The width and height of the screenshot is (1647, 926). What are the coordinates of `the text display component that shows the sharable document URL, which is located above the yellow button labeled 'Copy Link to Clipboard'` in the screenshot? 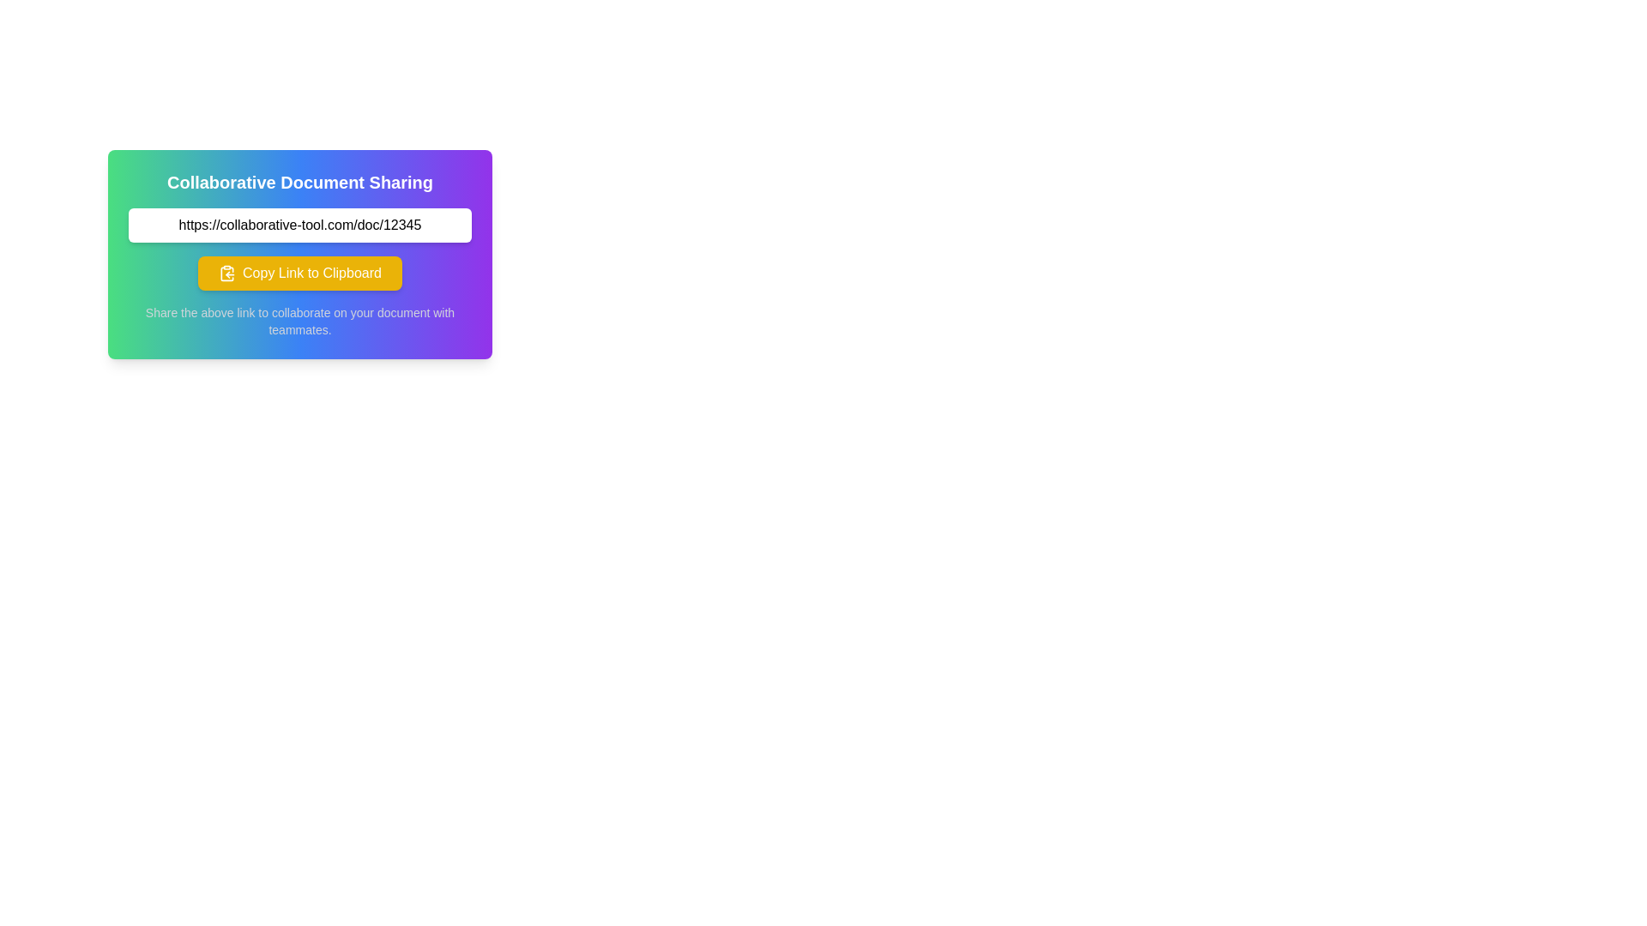 It's located at (300, 224).